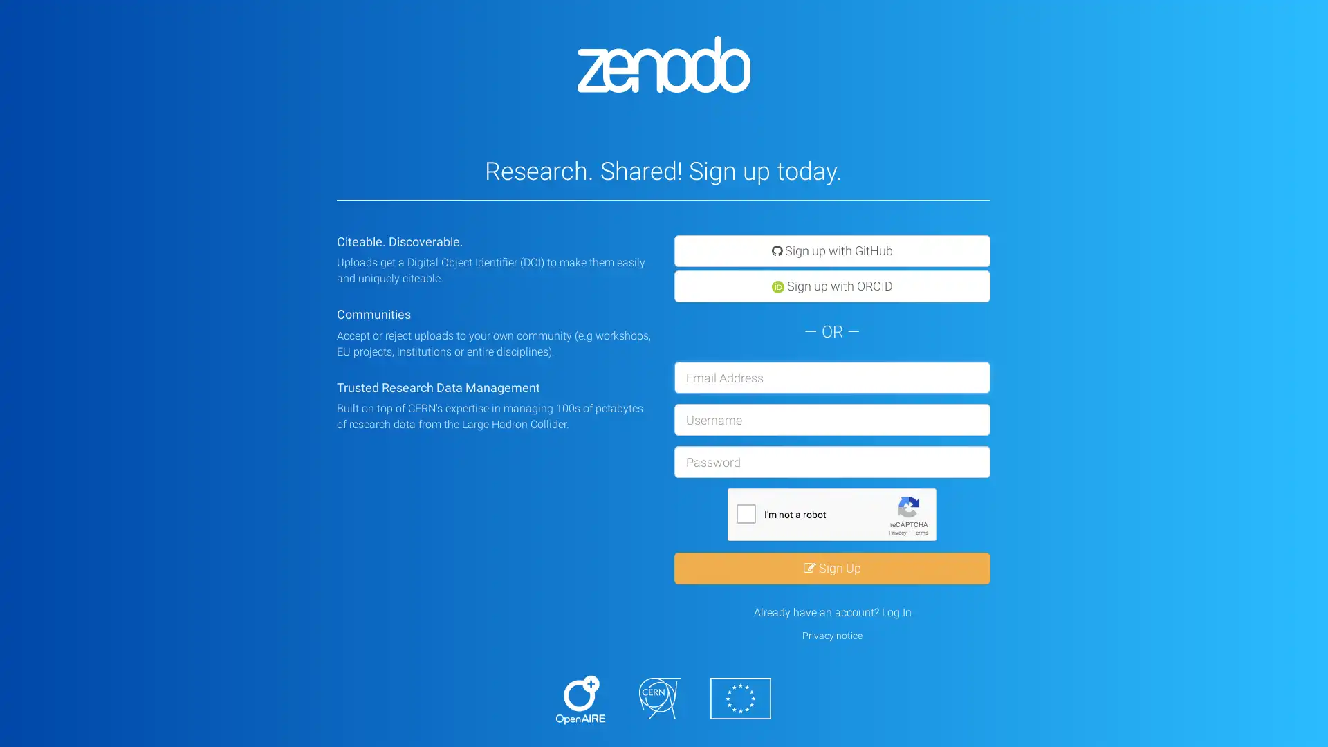 The width and height of the screenshot is (1328, 747). What do you see at coordinates (831, 568) in the screenshot?
I see `Sign Up` at bounding box center [831, 568].